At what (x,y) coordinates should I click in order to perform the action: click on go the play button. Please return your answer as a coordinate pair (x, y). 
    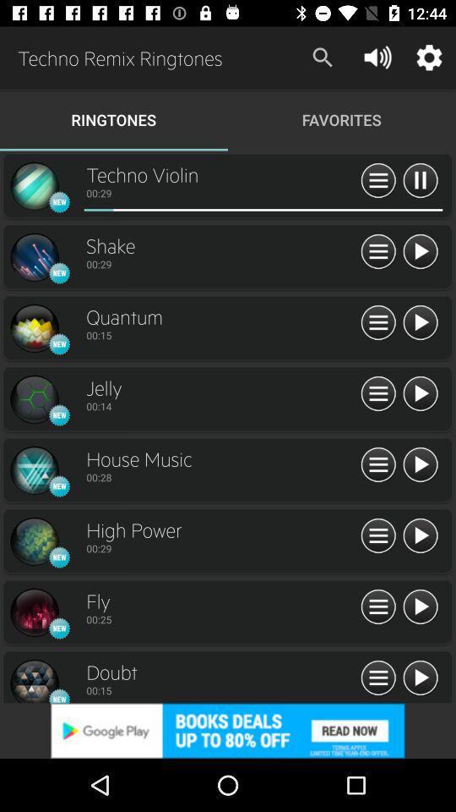
    Looking at the image, I should click on (419, 251).